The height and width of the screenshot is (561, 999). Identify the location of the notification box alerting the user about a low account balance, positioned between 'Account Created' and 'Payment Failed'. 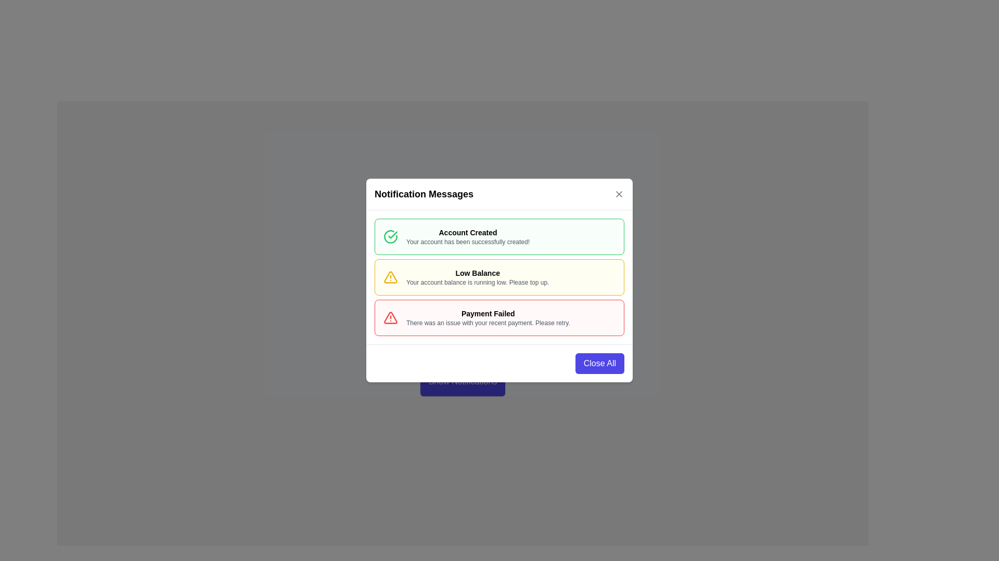
(499, 276).